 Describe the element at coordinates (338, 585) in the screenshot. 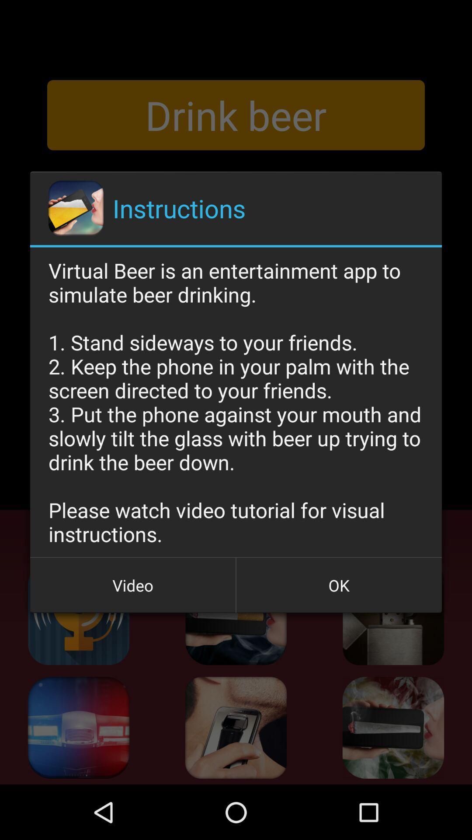

I see `the icon below virtual beer is item` at that location.